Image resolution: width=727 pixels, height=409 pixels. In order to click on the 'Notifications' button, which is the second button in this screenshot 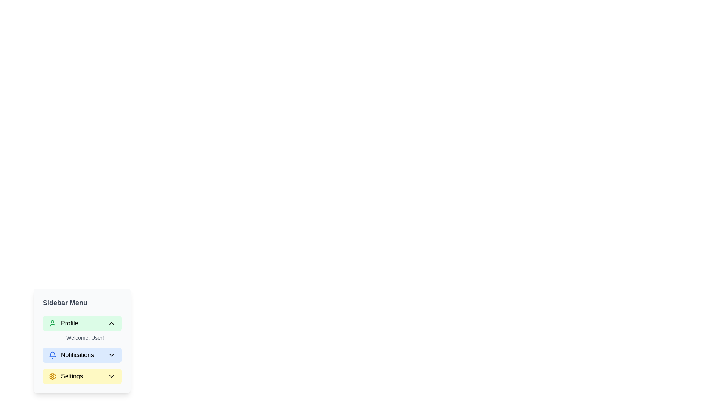, I will do `click(82, 355)`.